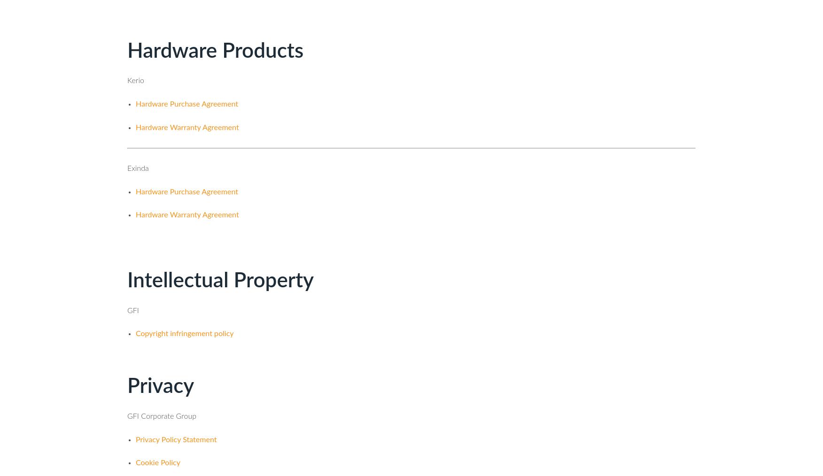  What do you see at coordinates (127, 168) in the screenshot?
I see `'Exinda'` at bounding box center [127, 168].